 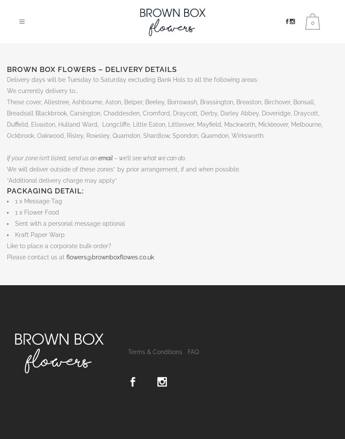 What do you see at coordinates (232, 78) in the screenshot?
I see `'Basket'` at bounding box center [232, 78].